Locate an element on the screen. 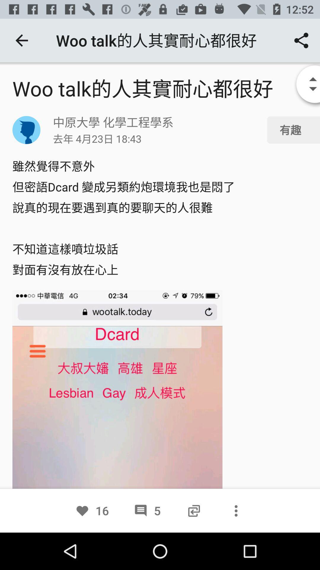 The image size is (320, 570). the item at the bottom left corner is located at coordinates (92, 510).